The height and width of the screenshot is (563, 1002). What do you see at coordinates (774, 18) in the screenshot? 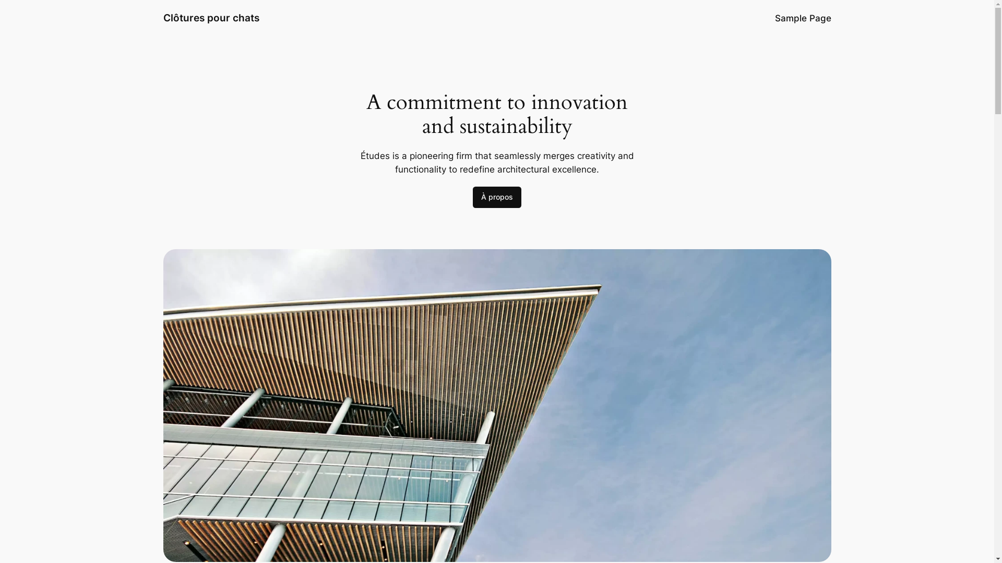
I see `'Sample Page'` at bounding box center [774, 18].